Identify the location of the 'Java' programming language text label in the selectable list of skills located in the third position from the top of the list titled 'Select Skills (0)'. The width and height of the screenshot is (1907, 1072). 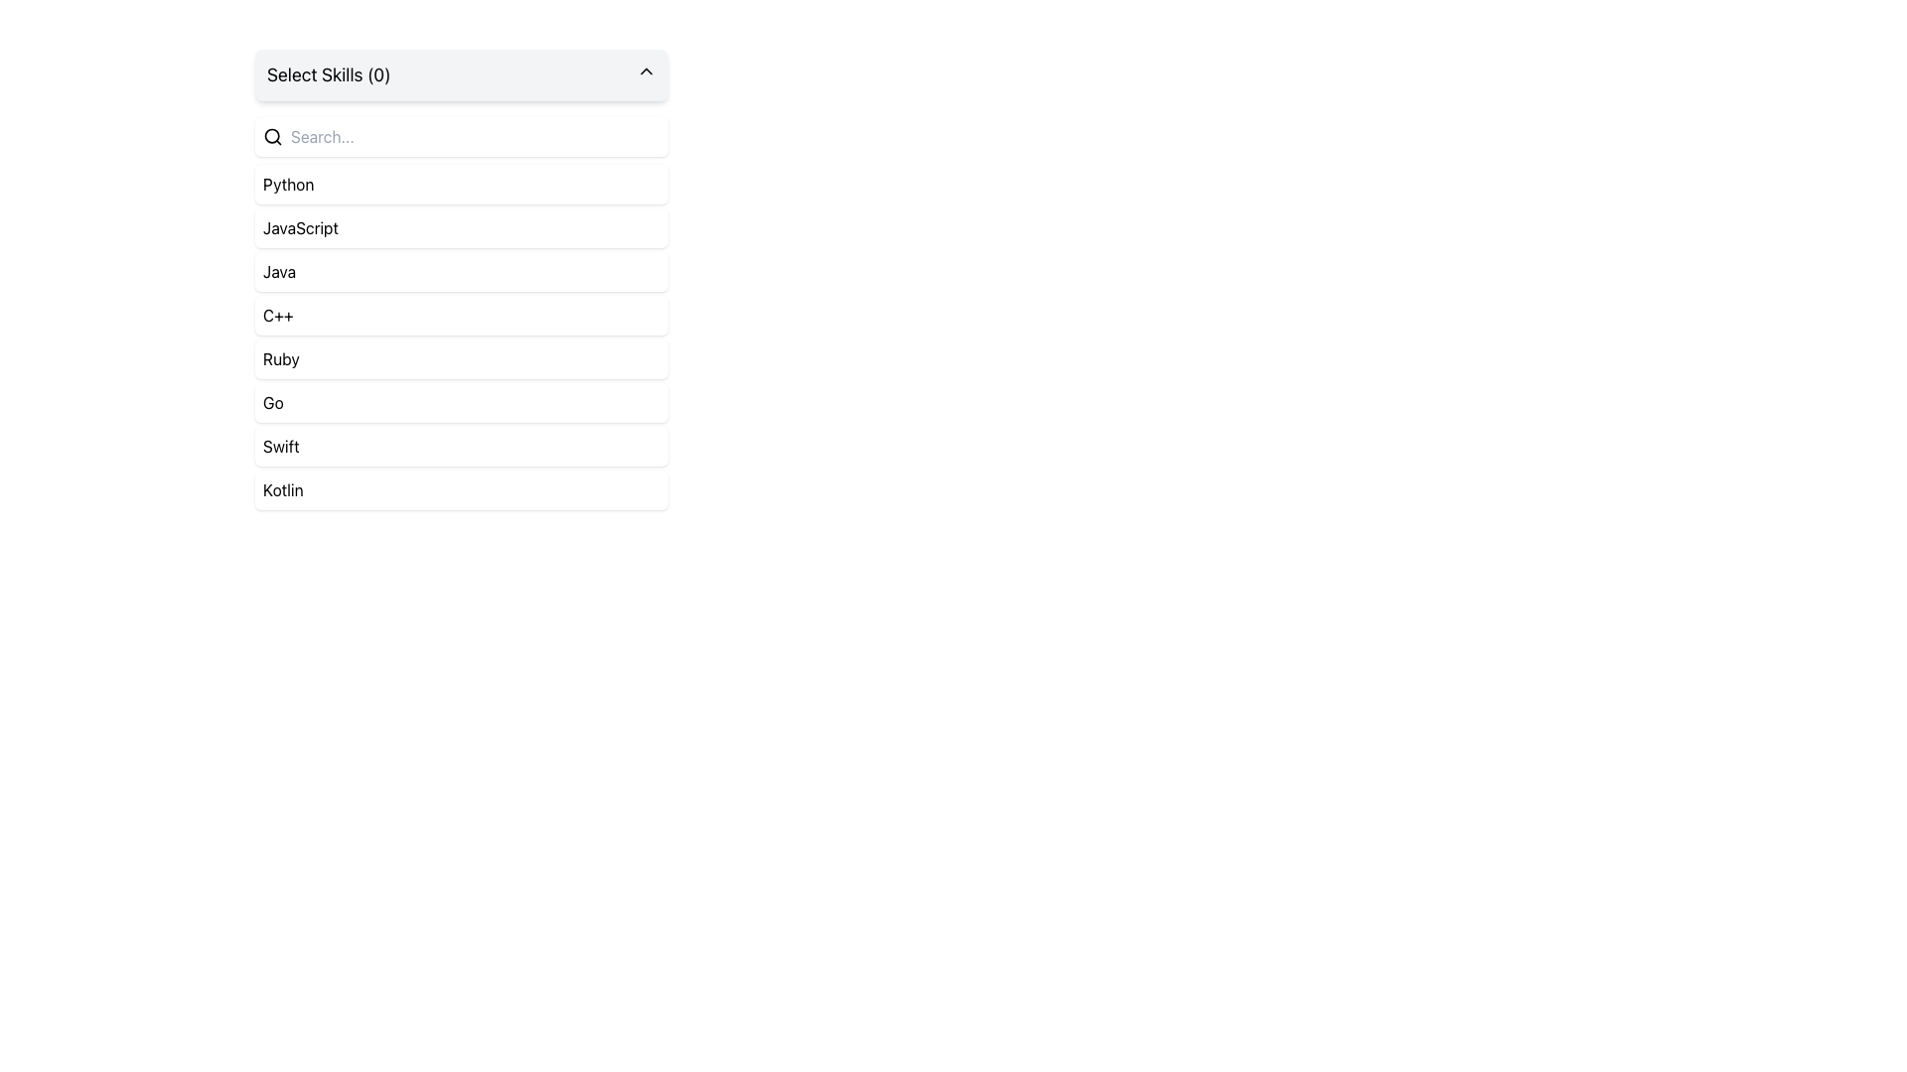
(278, 271).